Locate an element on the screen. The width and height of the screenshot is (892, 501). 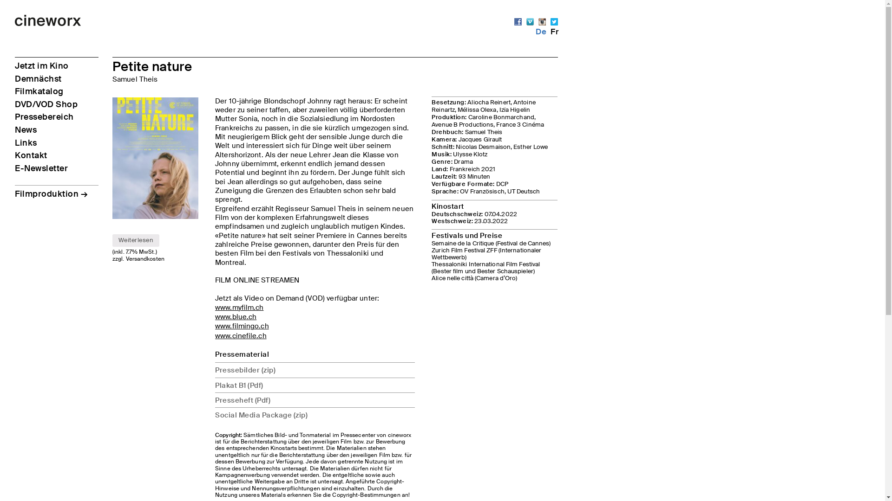
'www.blue.ch' is located at coordinates (236, 316).